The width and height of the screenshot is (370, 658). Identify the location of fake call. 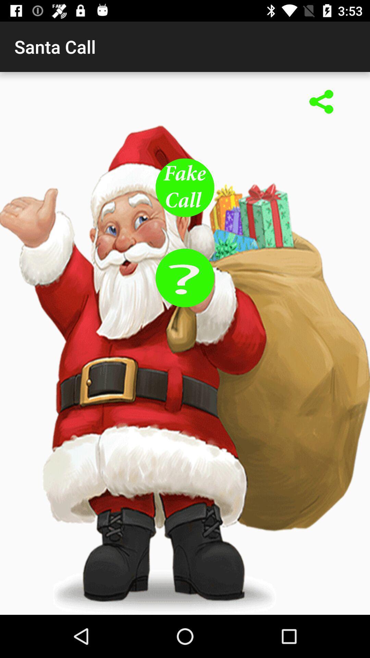
(185, 187).